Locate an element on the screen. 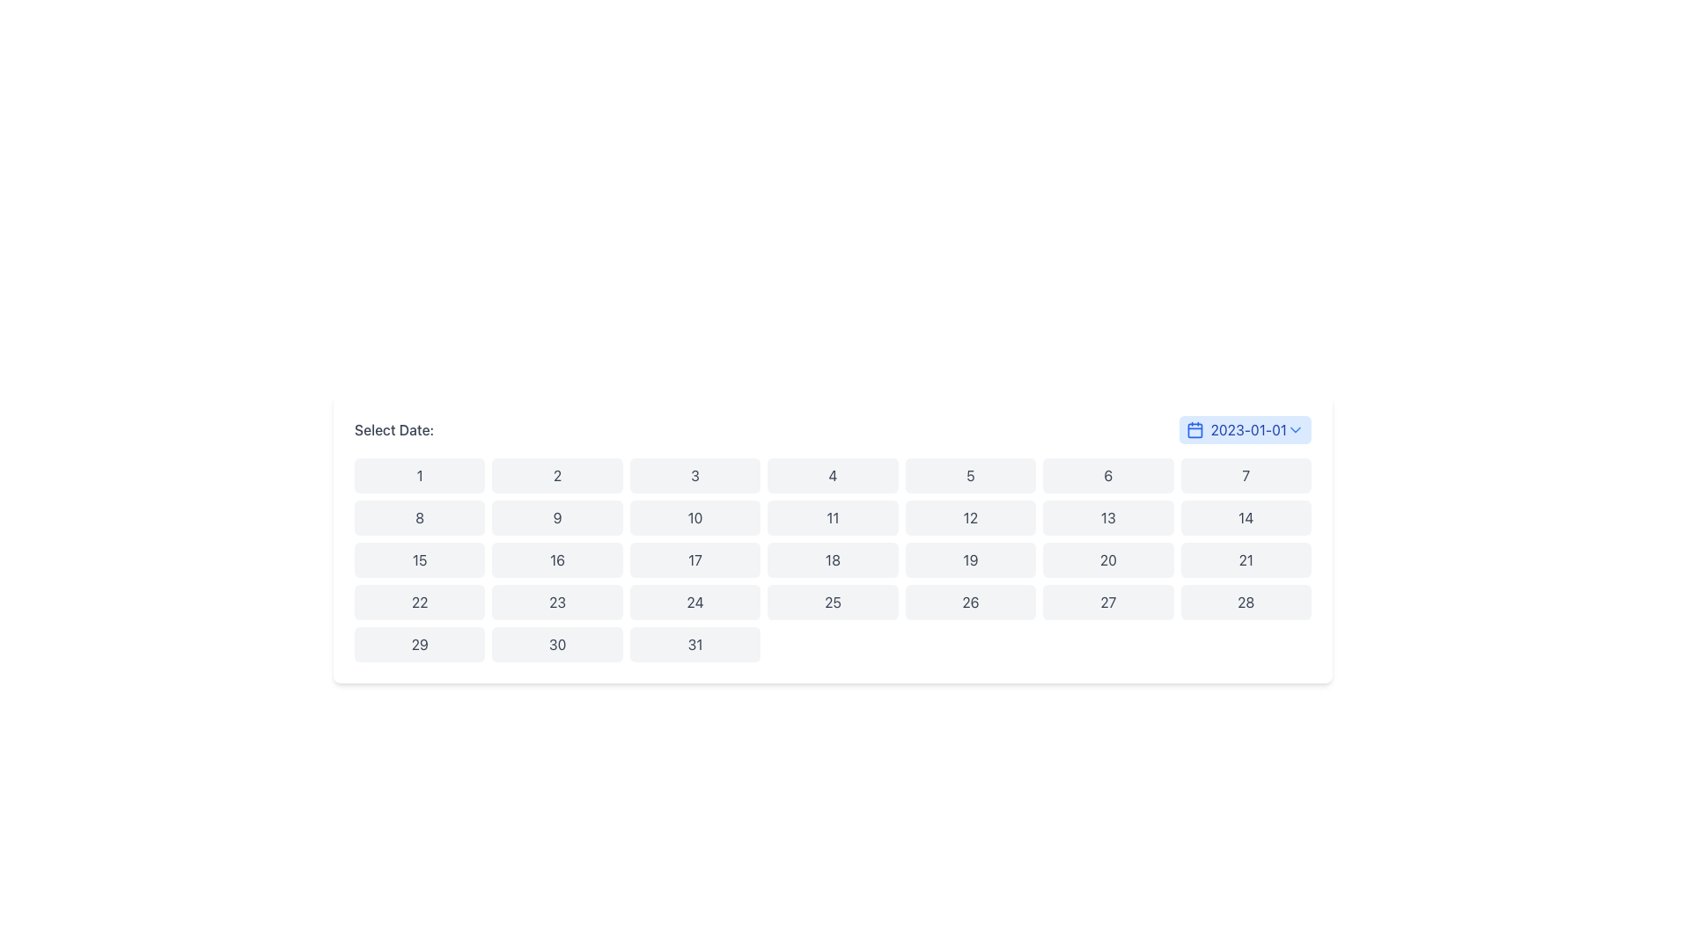 This screenshot has height=950, width=1690. the button for selecting date '7' in the calendar UI is located at coordinates (1245, 475).